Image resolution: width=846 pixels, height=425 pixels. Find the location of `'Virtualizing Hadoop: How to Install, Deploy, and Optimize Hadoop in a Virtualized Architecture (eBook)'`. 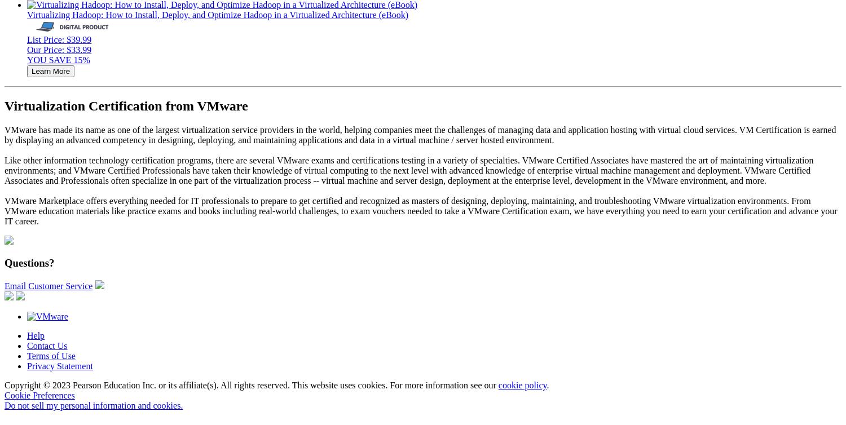

'Virtualizing Hadoop: How to Install, Deploy, and Optimize Hadoop in a Virtualized Architecture (eBook)' is located at coordinates (217, 14).